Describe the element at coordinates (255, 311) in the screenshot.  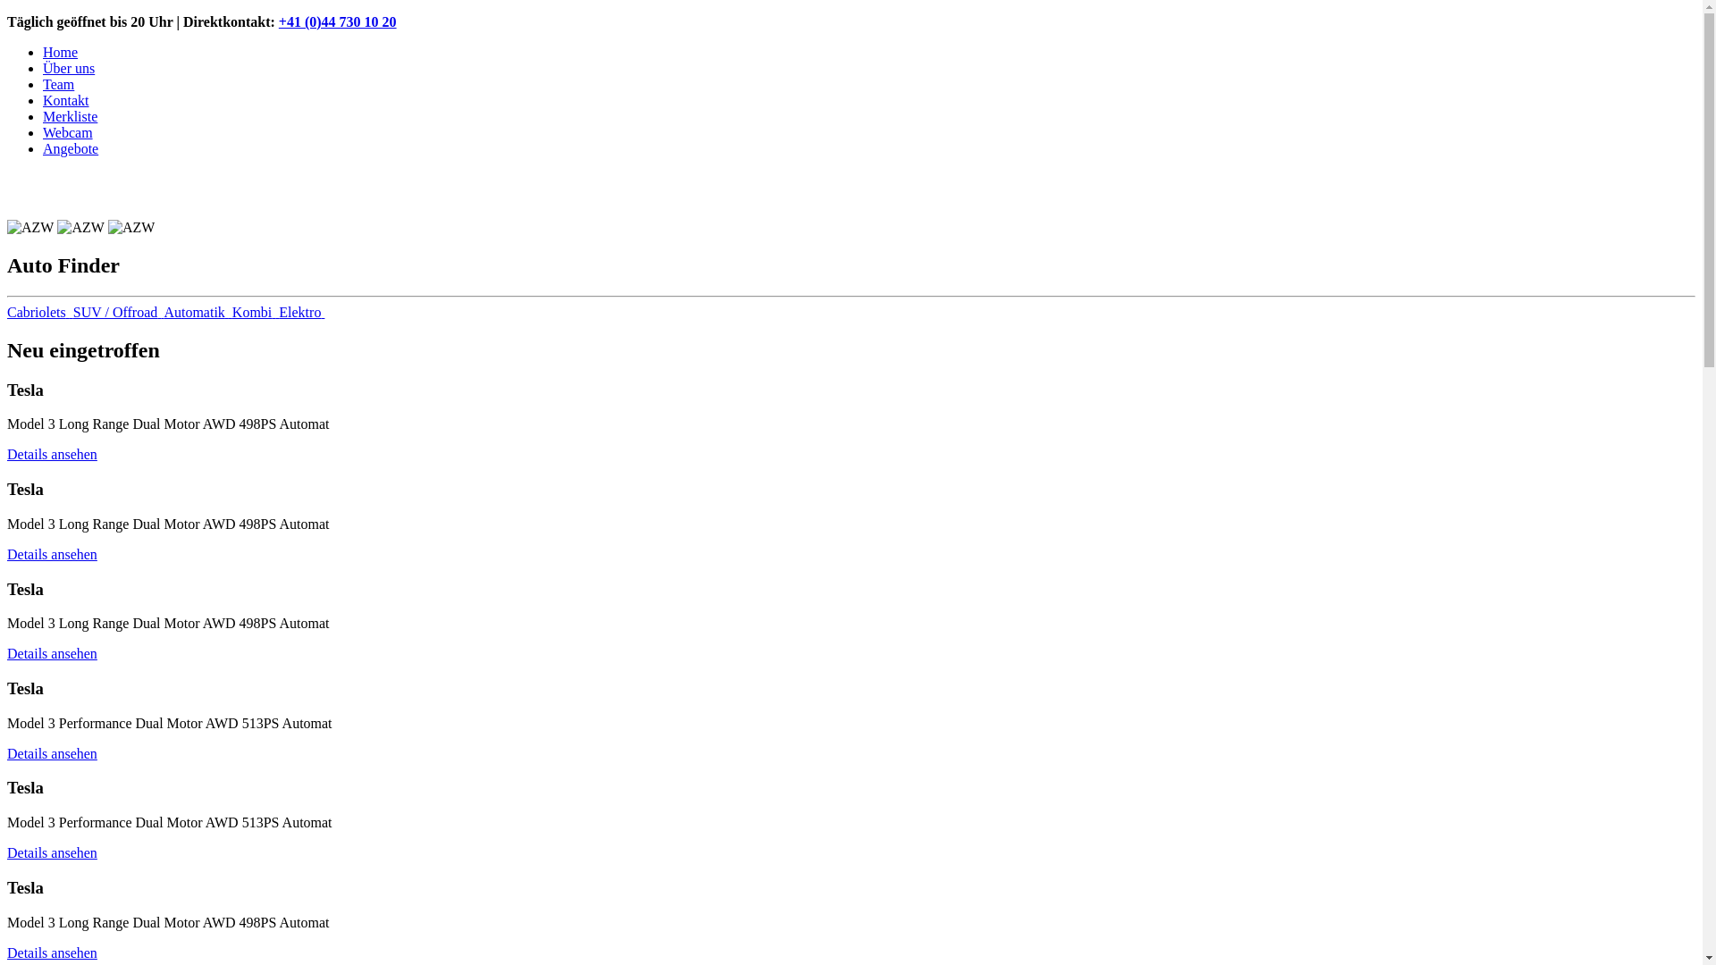
I see `'Kombi'` at that location.